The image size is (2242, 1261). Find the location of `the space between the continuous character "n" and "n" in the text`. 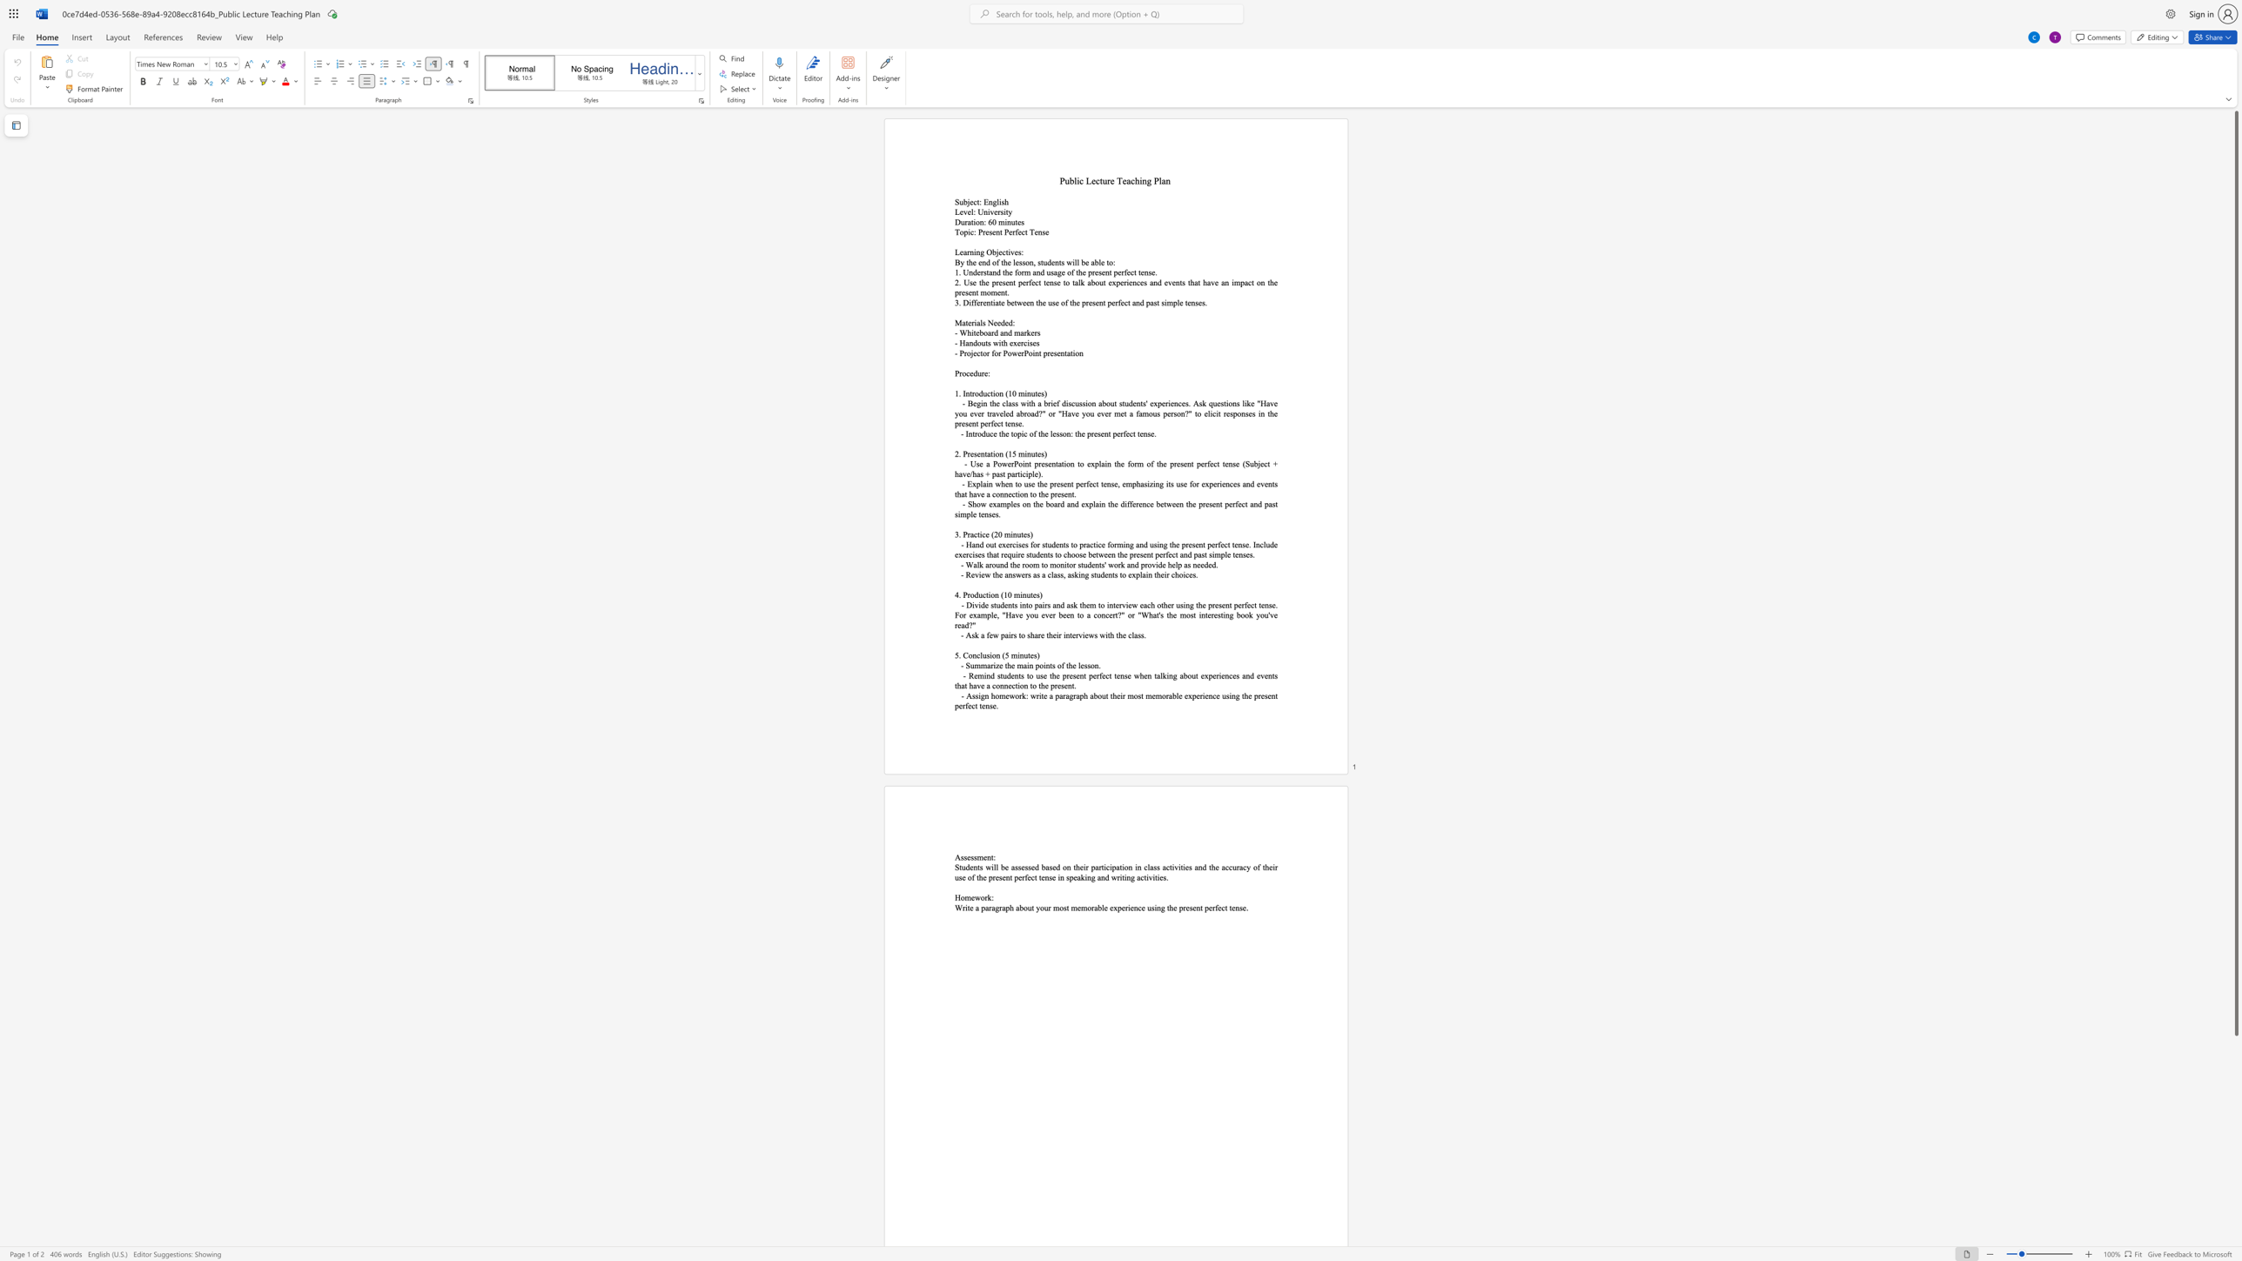

the space between the continuous character "n" and "n" in the text is located at coordinates (1003, 685).